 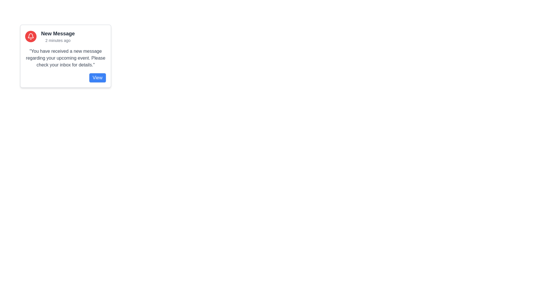 What do you see at coordinates (58, 40) in the screenshot?
I see `the timestamp text label located beneath 'New Message' and above the main body text in the notification card` at bounding box center [58, 40].